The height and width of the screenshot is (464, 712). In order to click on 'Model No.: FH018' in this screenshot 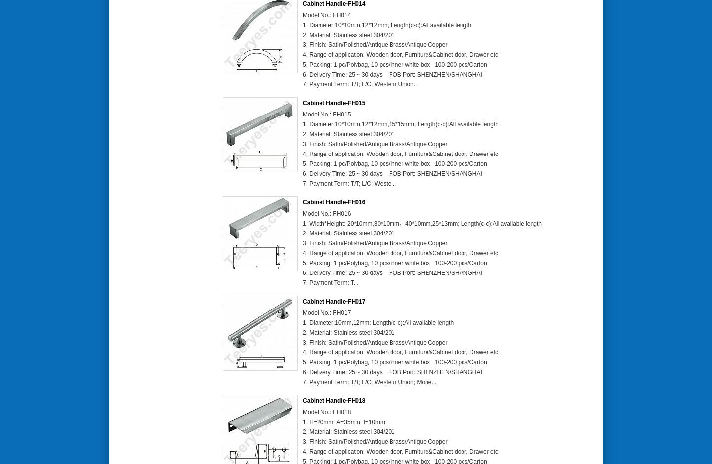, I will do `click(326, 412)`.